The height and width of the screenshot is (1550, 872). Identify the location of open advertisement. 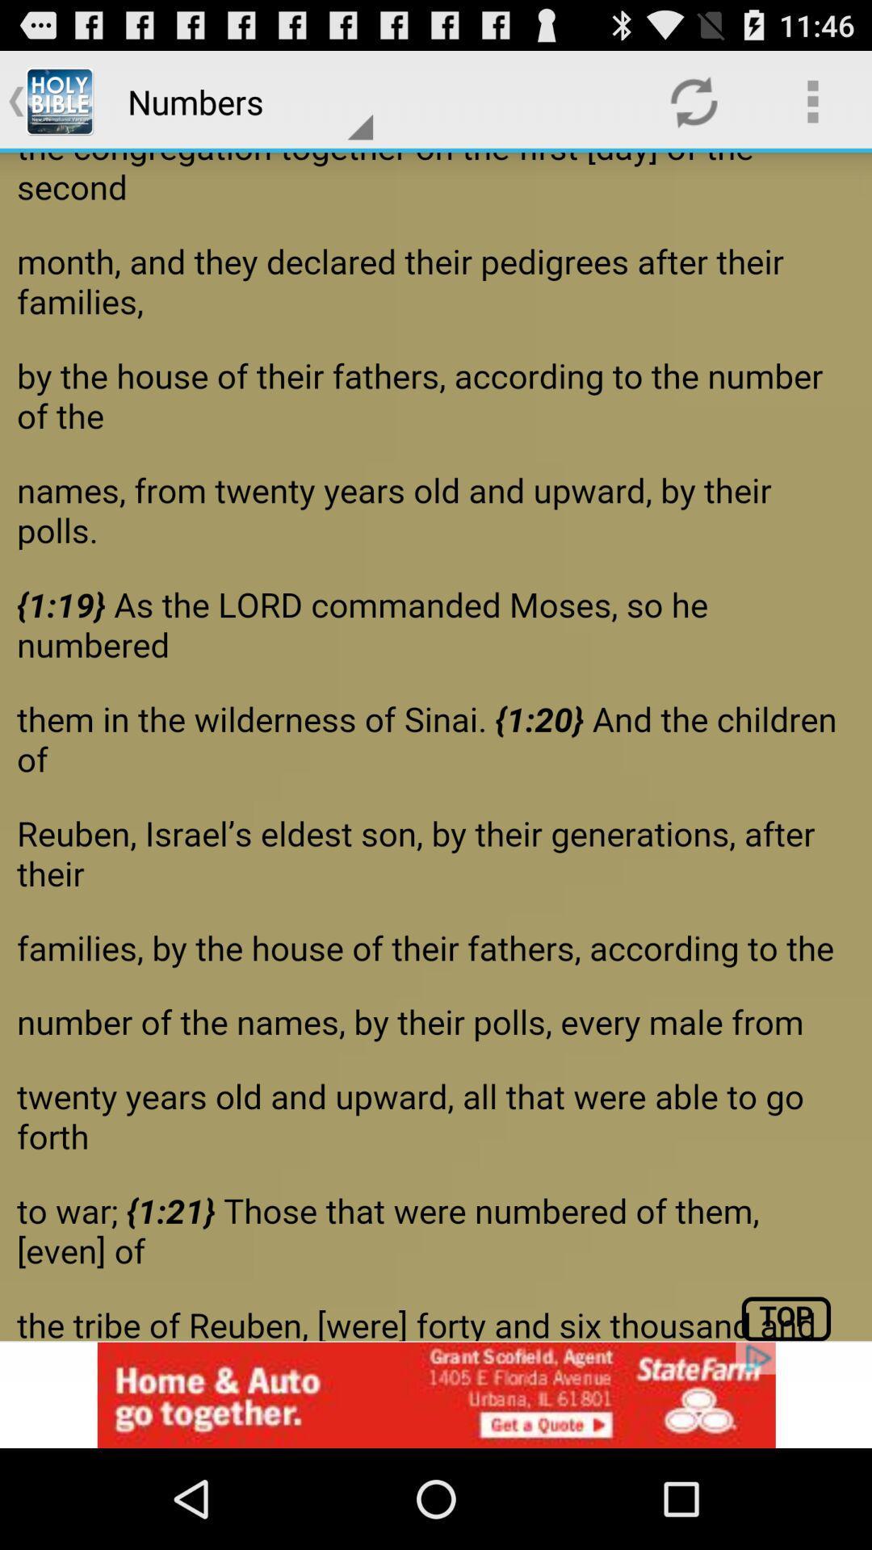
(436, 1394).